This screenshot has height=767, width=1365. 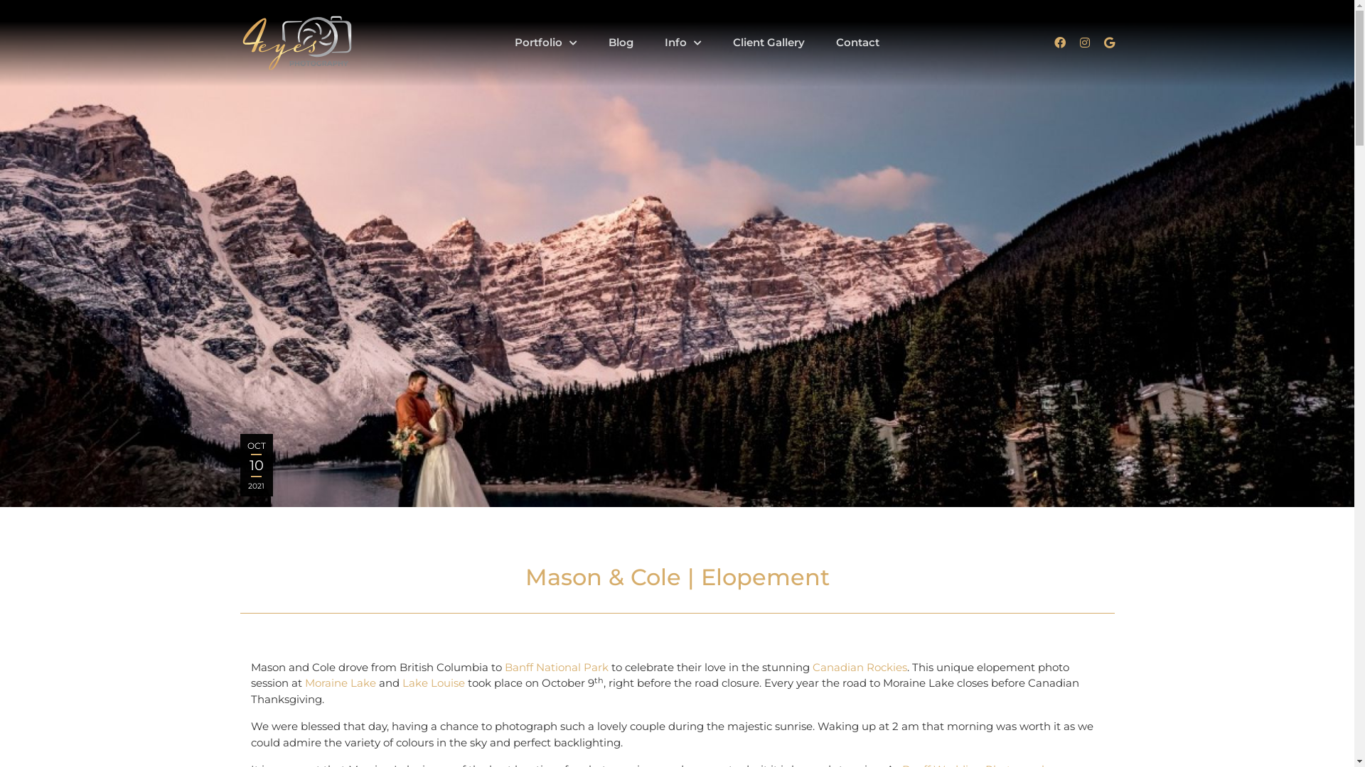 What do you see at coordinates (682, 41) in the screenshot?
I see `'Info'` at bounding box center [682, 41].